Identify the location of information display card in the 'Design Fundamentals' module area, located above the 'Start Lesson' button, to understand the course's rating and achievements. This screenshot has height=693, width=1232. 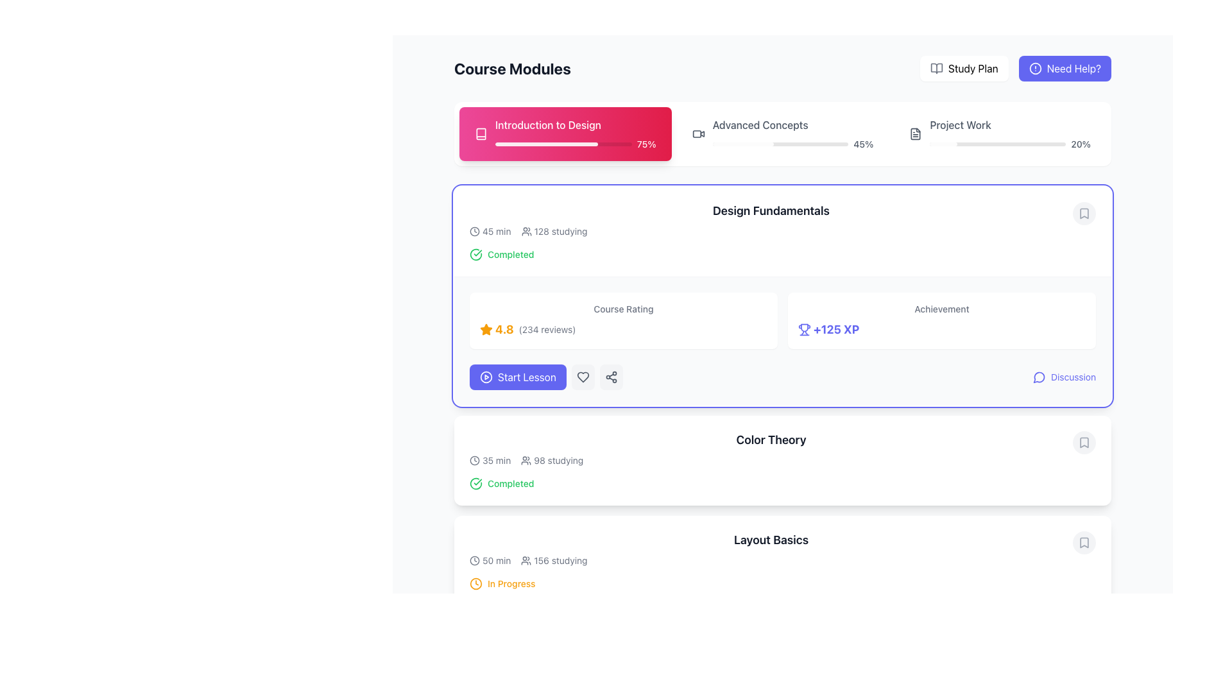
(782, 320).